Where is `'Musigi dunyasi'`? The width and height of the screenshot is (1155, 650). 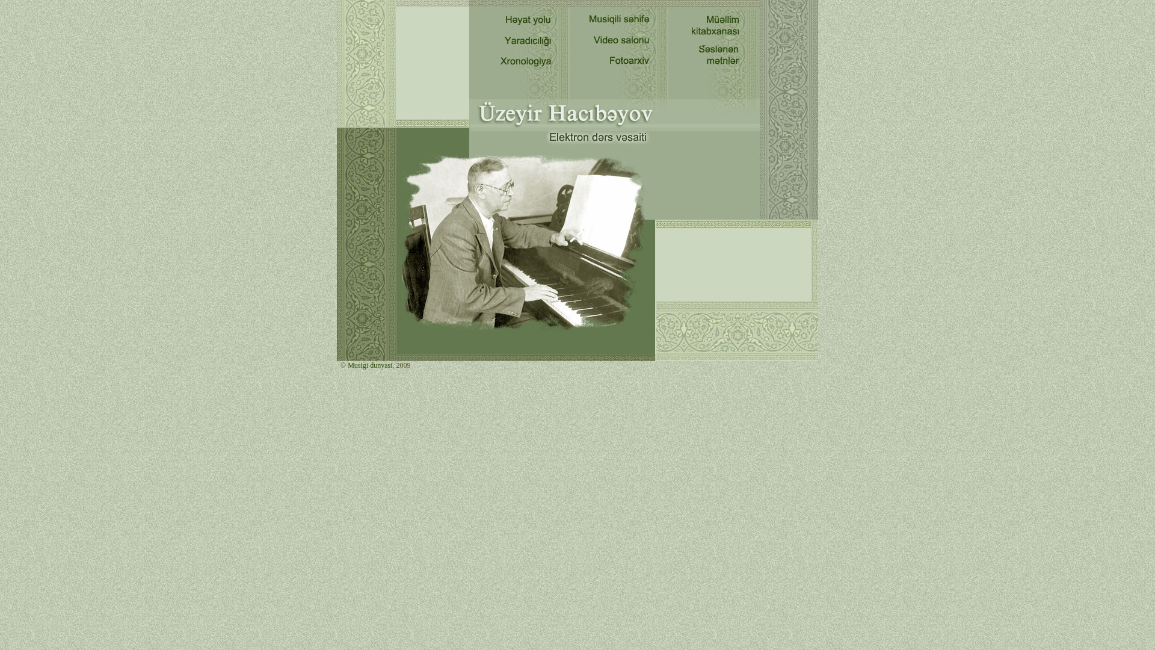
'Musigi dunyasi' is located at coordinates (345, 364).